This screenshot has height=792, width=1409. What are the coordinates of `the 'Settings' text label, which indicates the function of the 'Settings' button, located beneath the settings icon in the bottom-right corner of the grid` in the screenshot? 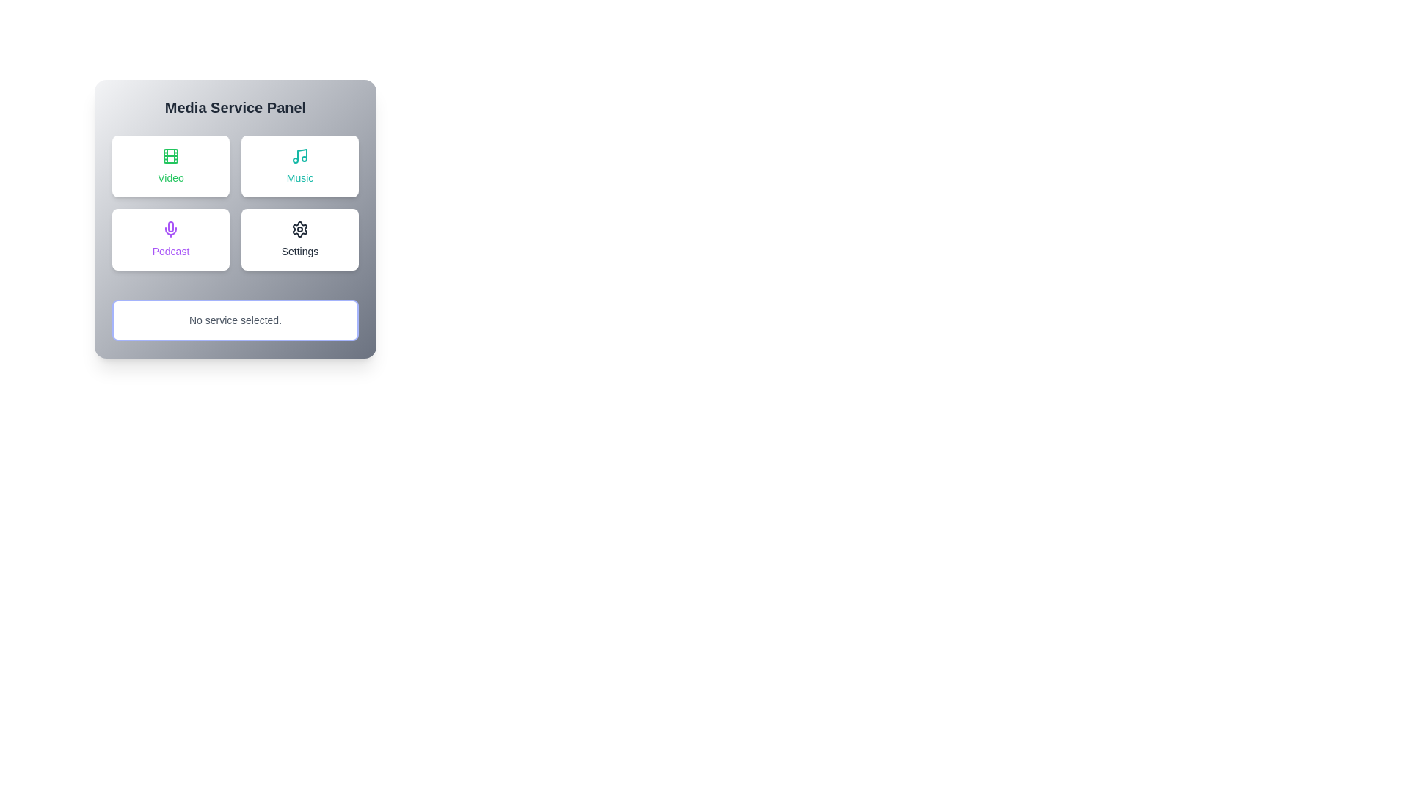 It's located at (299, 251).